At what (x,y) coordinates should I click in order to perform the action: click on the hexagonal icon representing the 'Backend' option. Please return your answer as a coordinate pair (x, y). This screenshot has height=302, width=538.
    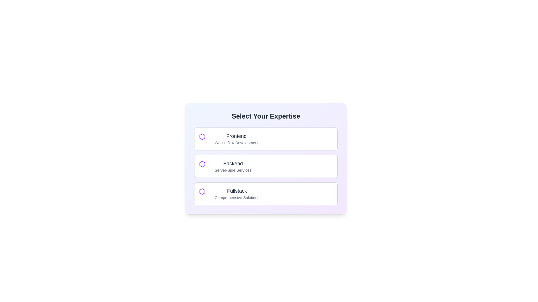
    Looking at the image, I should click on (202, 164).